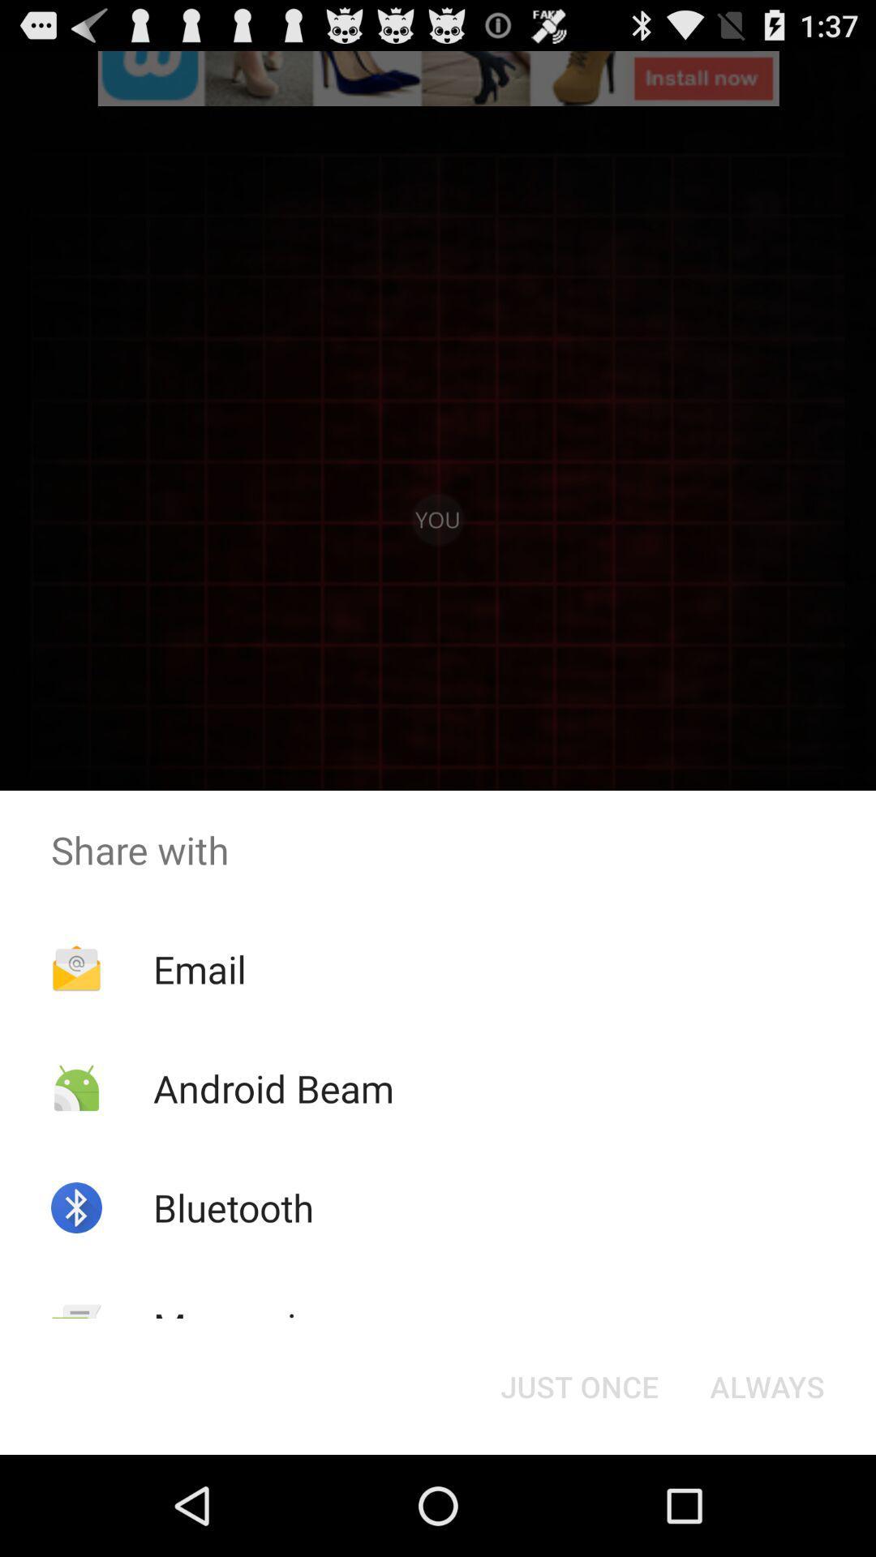 The image size is (876, 1557). Describe the element at coordinates (246, 1327) in the screenshot. I see `icon to the left of the just once` at that location.